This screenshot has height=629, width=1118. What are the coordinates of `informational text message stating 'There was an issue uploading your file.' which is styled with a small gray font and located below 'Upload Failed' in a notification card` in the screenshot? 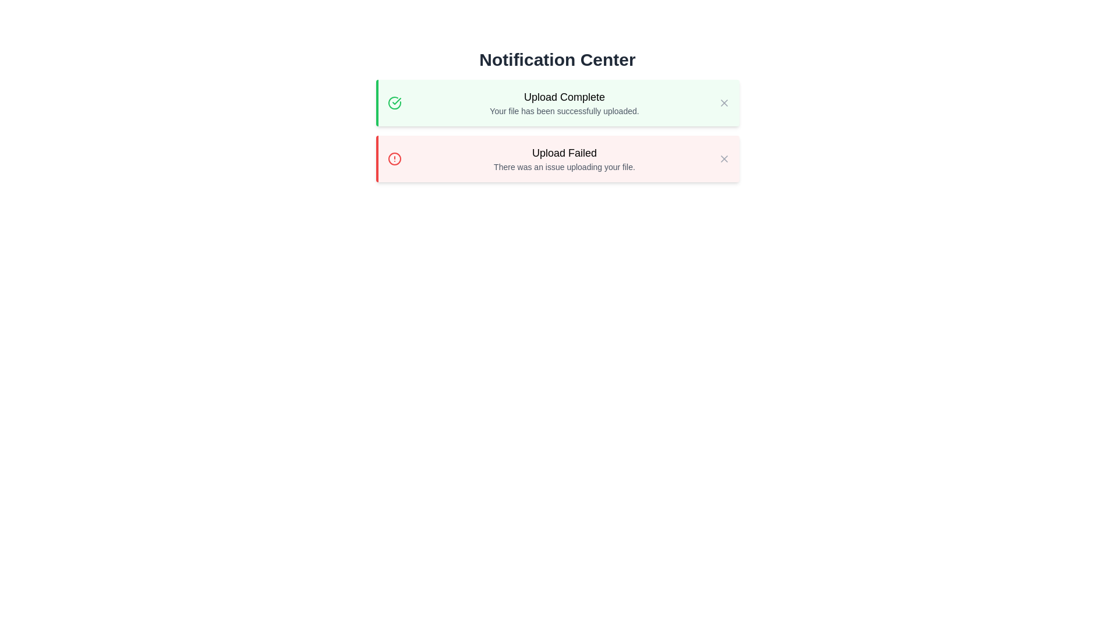 It's located at (564, 167).